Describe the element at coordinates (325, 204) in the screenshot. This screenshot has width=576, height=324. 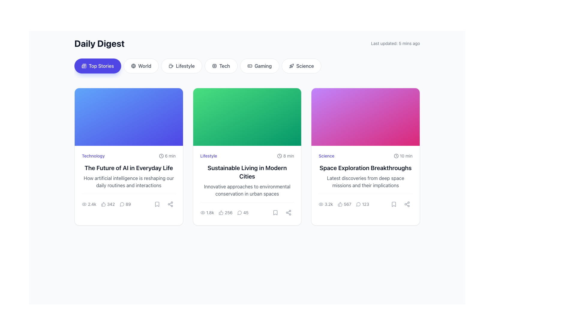
I see `the numerical value '3.2k' accompanied by the eye icon located at the bottom section of the third card in a horizontally aligned triplet of cards` at that location.